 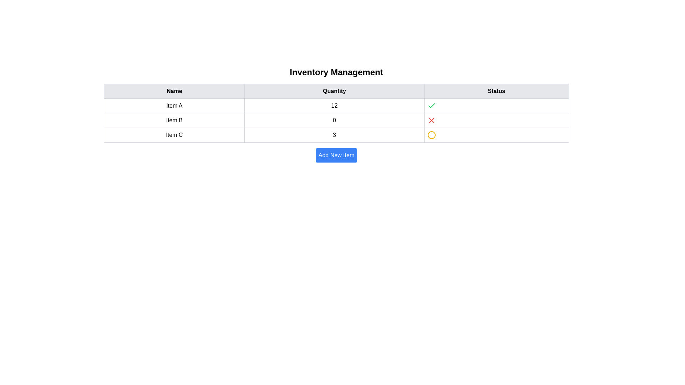 What do you see at coordinates (431, 120) in the screenshot?
I see `the red cross (X) icon located in the second row under the 'Status' column of the table, centrally positioned within its cell` at bounding box center [431, 120].